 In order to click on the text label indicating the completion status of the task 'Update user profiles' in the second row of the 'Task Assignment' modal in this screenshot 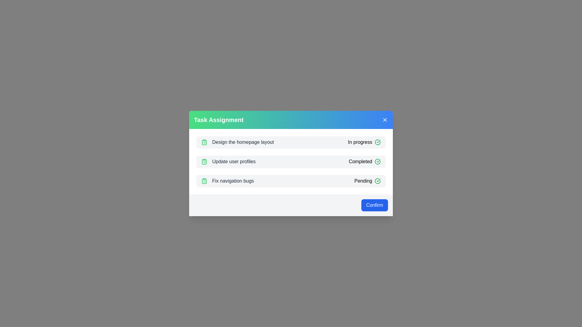, I will do `click(360, 161)`.